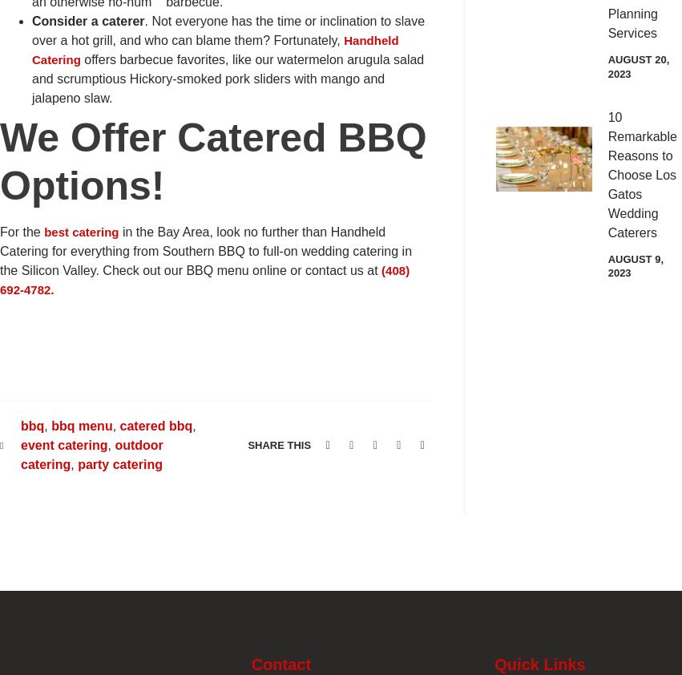 This screenshot has height=675, width=682. I want to click on 'offers barbecue favorites, like our watermelon arugula salad and scrumptious Hickory-smoked pork sliders with mango and jalapeno slaw.', so click(228, 78).